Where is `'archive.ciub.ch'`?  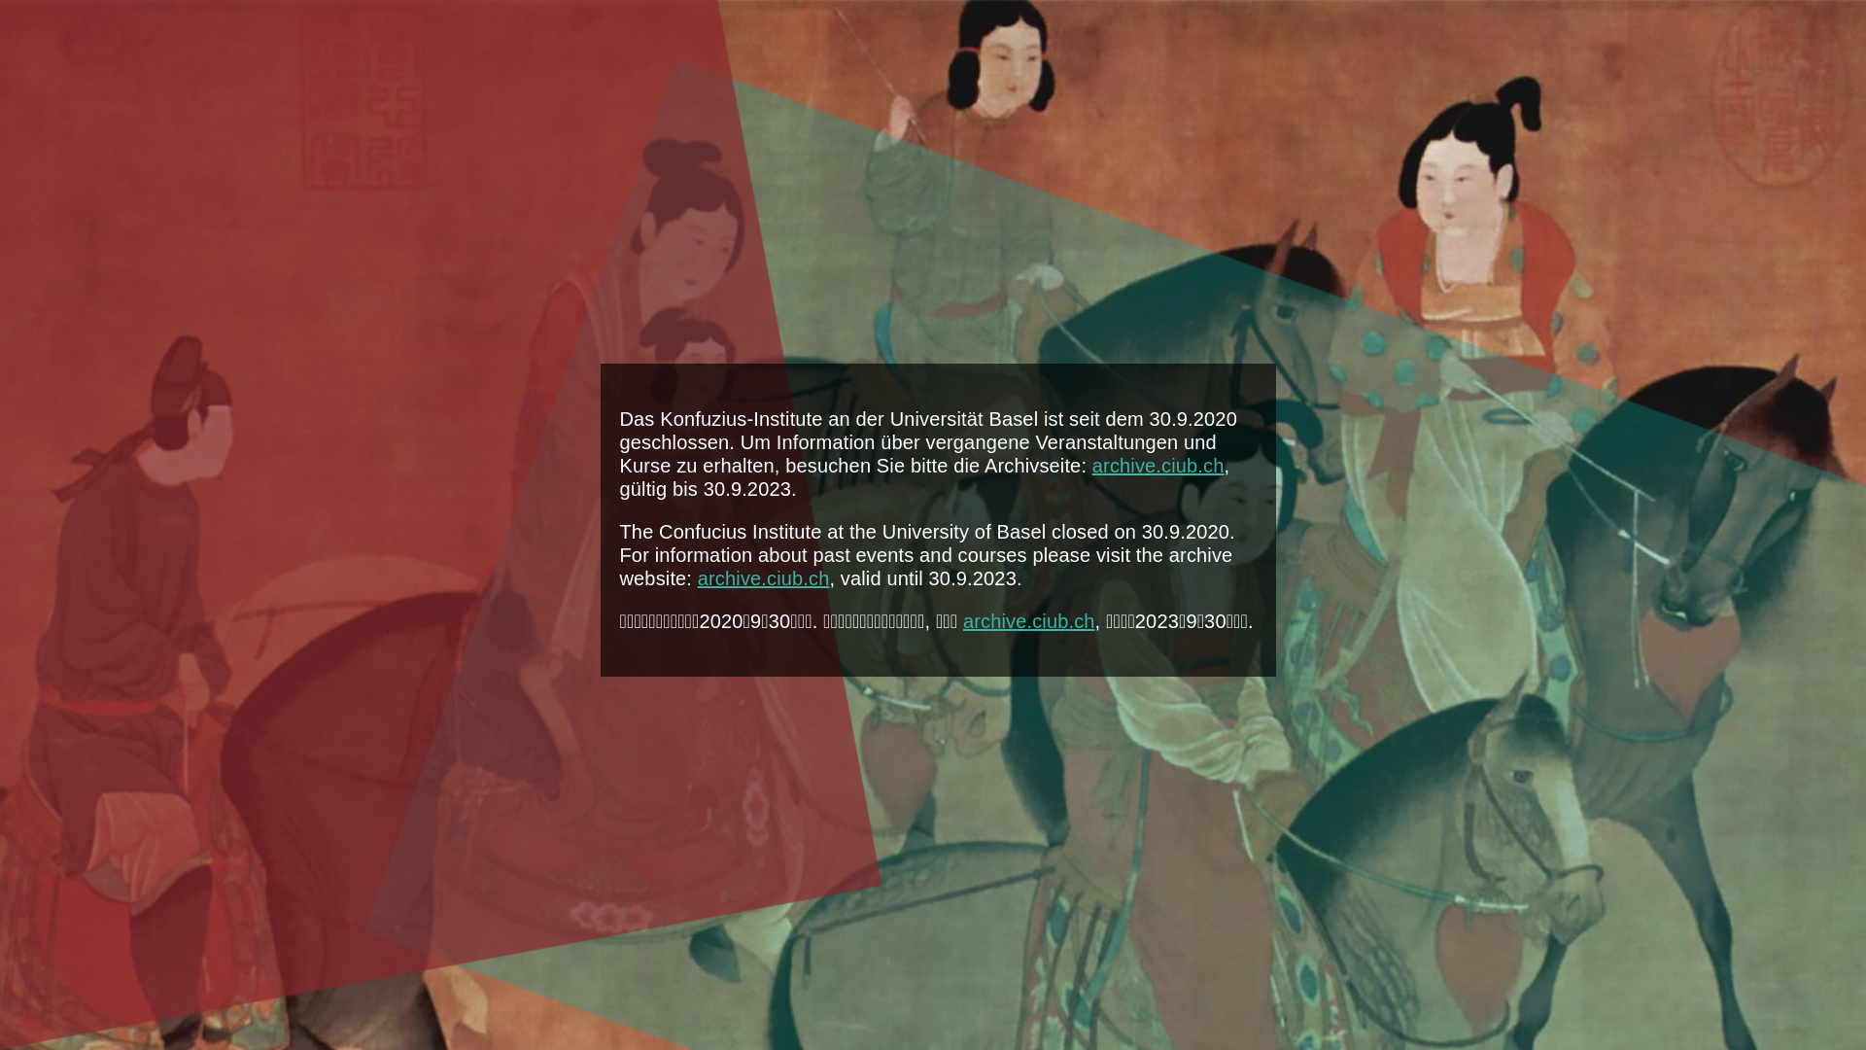
'archive.ciub.ch' is located at coordinates (763, 577).